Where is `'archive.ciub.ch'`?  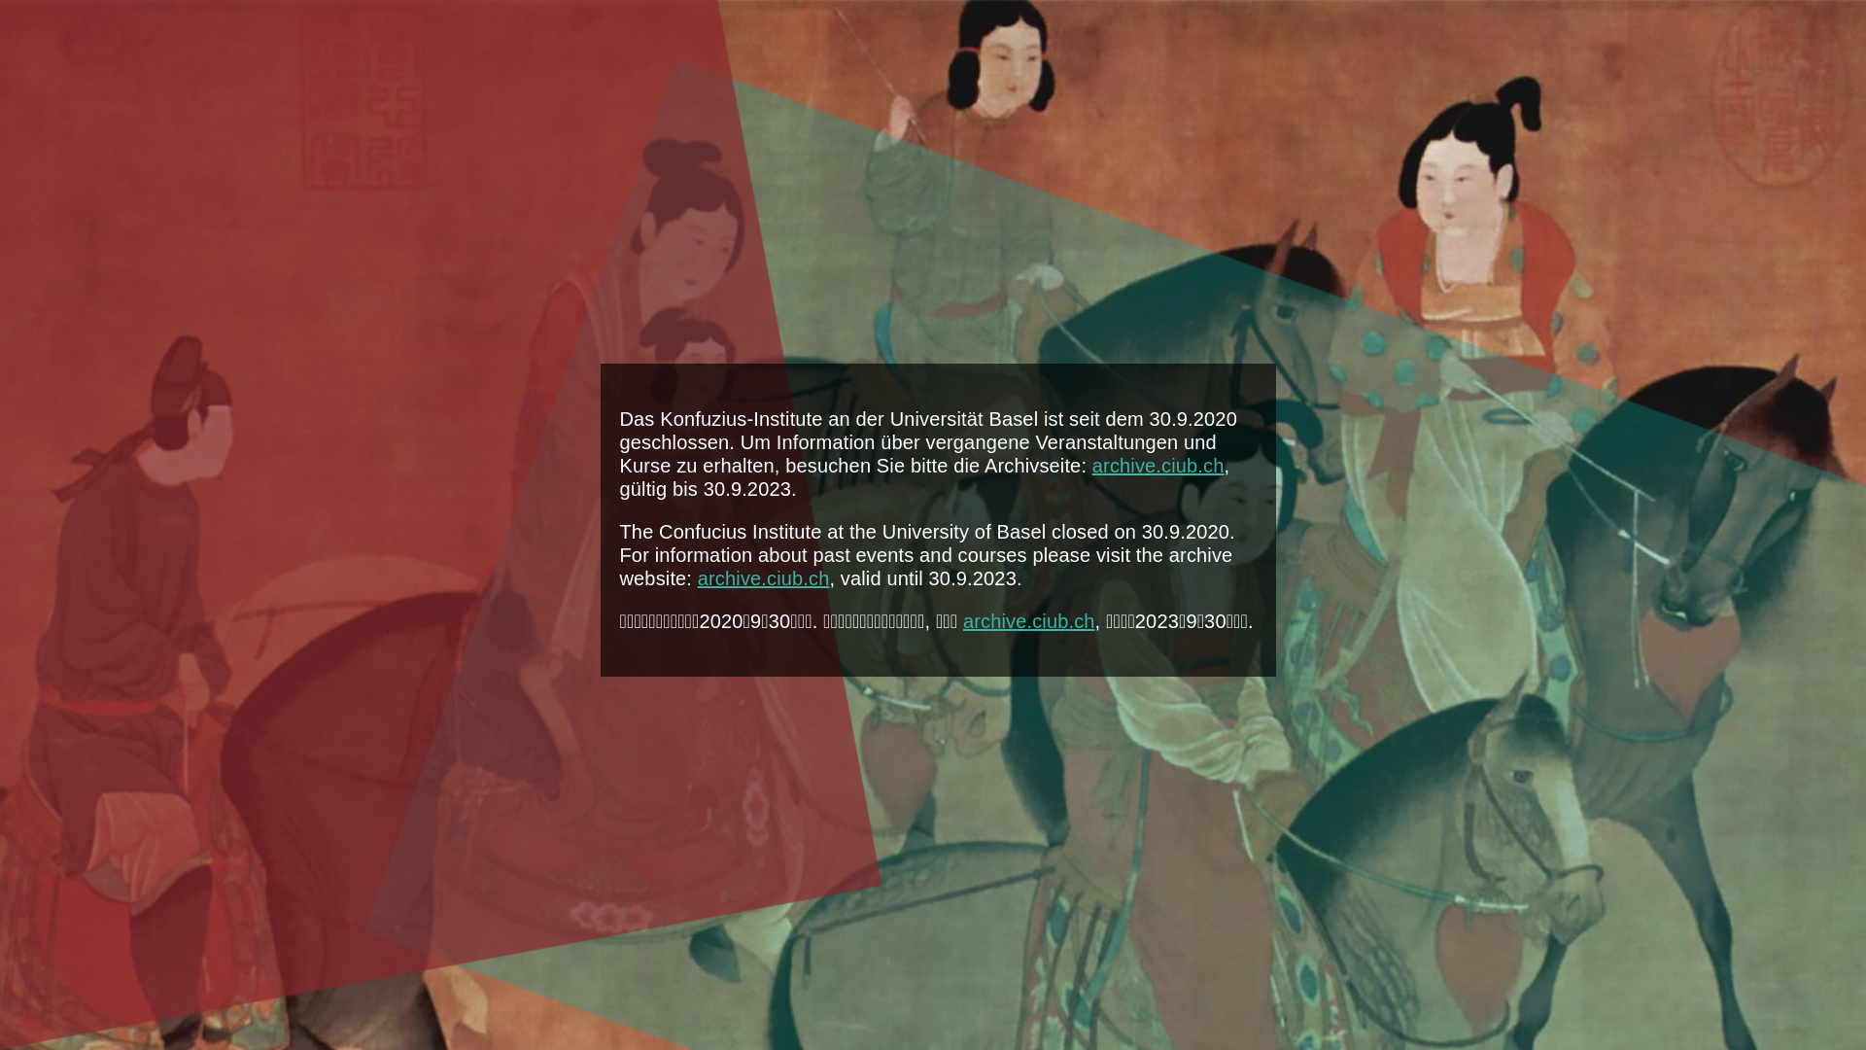
'archive.ciub.ch' is located at coordinates (763, 577).